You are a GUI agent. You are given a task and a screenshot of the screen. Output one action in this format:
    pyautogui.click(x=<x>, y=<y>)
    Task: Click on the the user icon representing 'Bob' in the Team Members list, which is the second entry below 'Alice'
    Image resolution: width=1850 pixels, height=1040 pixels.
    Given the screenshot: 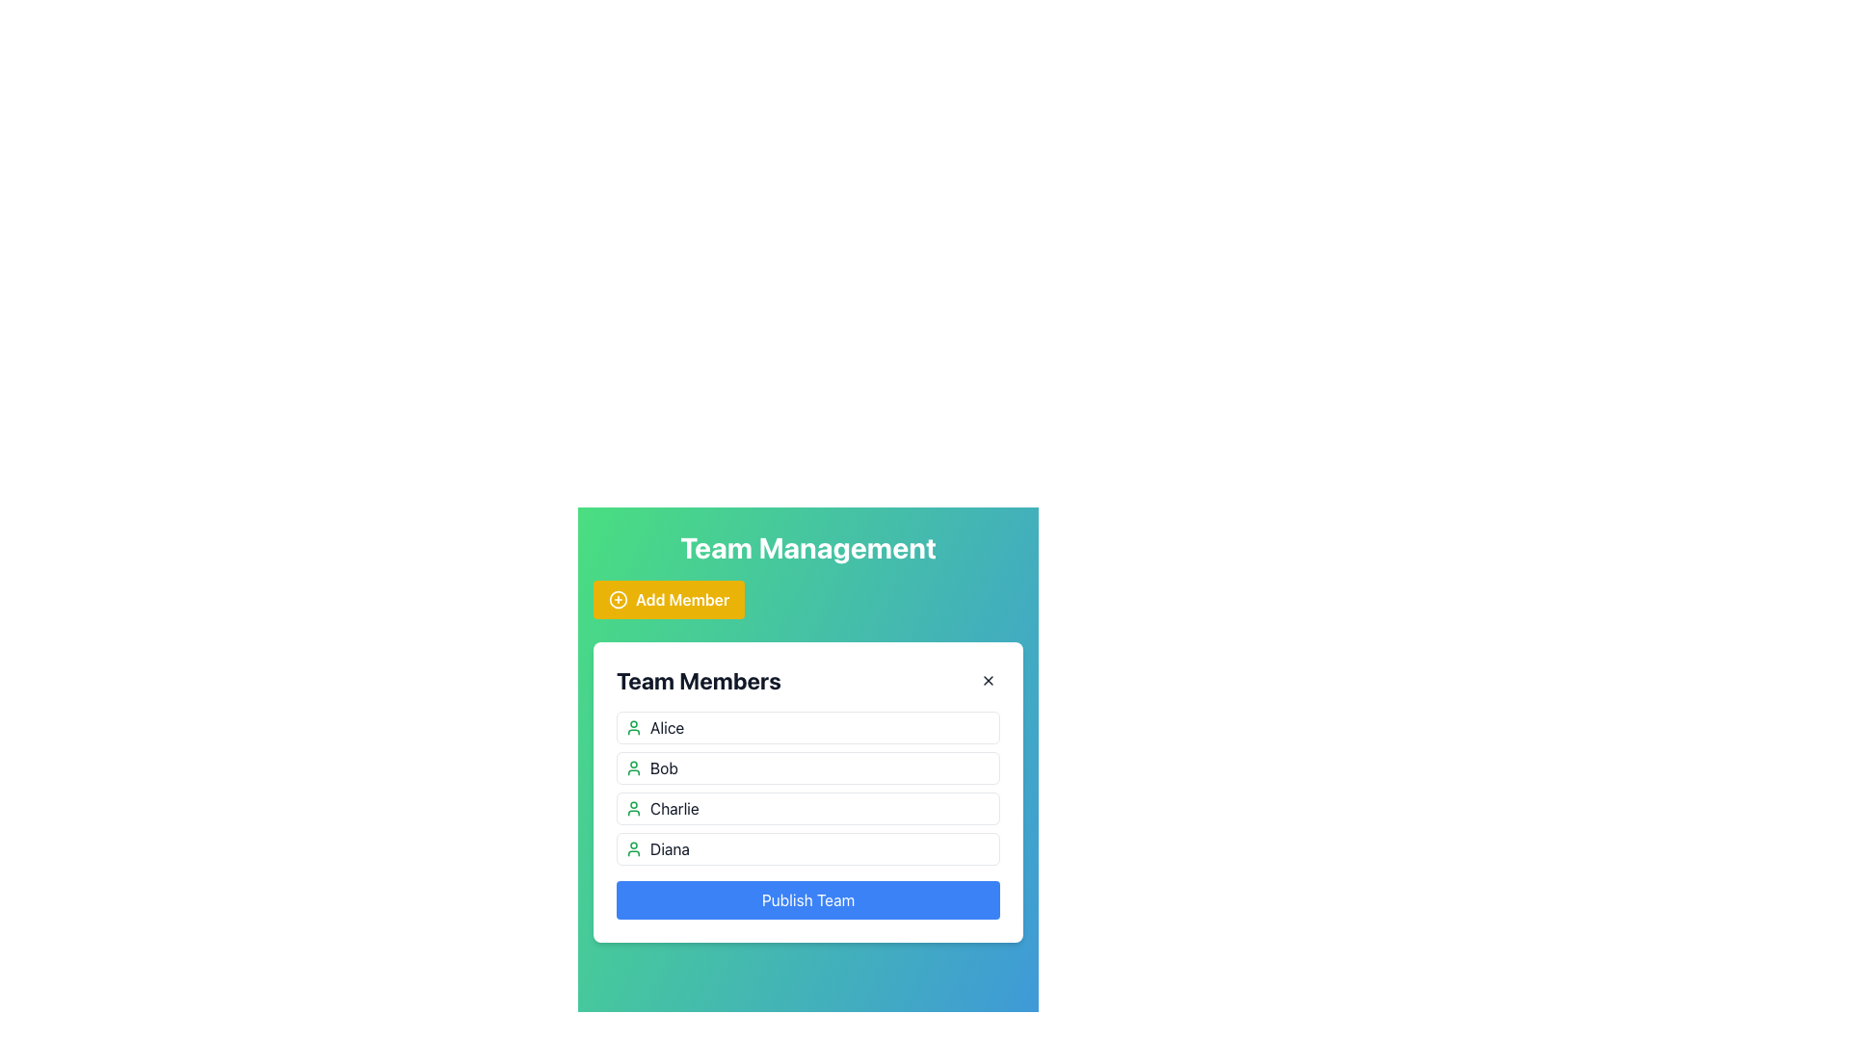 What is the action you would take?
    pyautogui.click(x=633, y=767)
    